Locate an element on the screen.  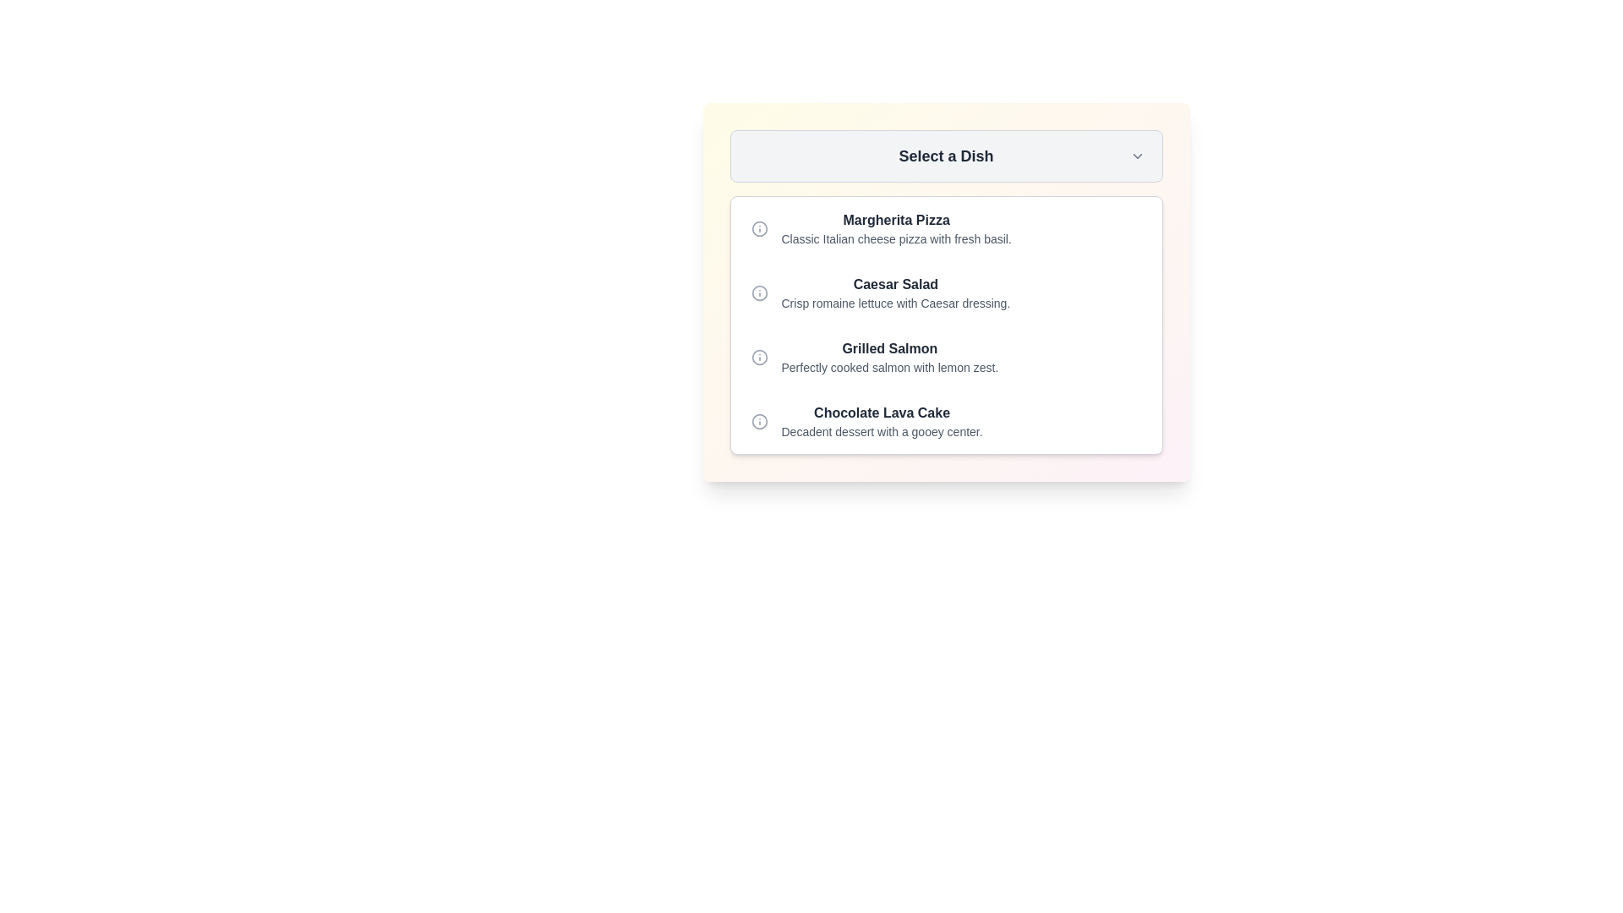
description of the 'Grilled Salmon' Text Label element, which includes the header and its details about the dish is located at coordinates (888, 357).